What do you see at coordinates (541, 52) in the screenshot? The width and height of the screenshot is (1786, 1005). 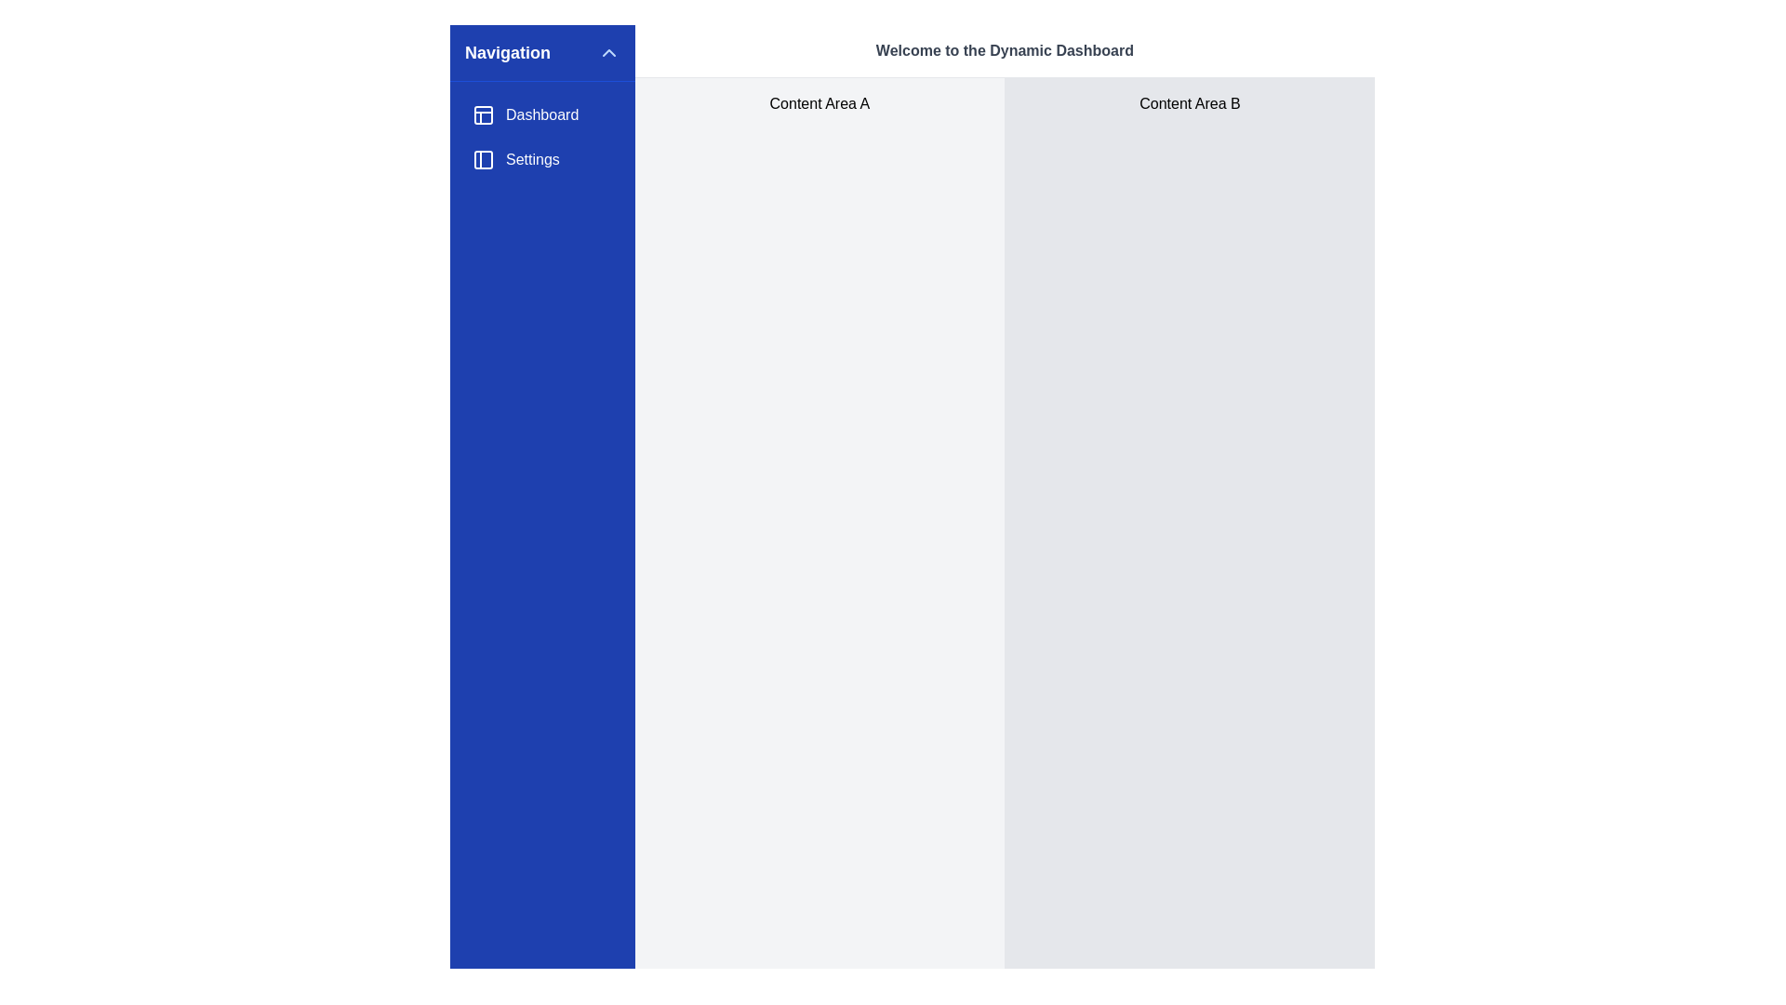 I see `the content of the Header section located at the top of the blue sidebar, which serves as the title for the sidebar navigation menu` at bounding box center [541, 52].